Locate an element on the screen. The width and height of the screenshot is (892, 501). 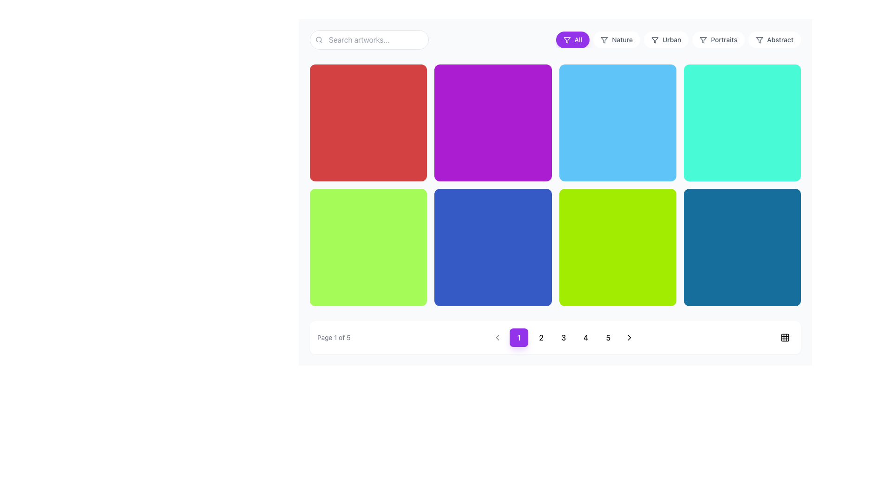
the right-pointing chevron icon located in the pagination section is located at coordinates (630, 337).